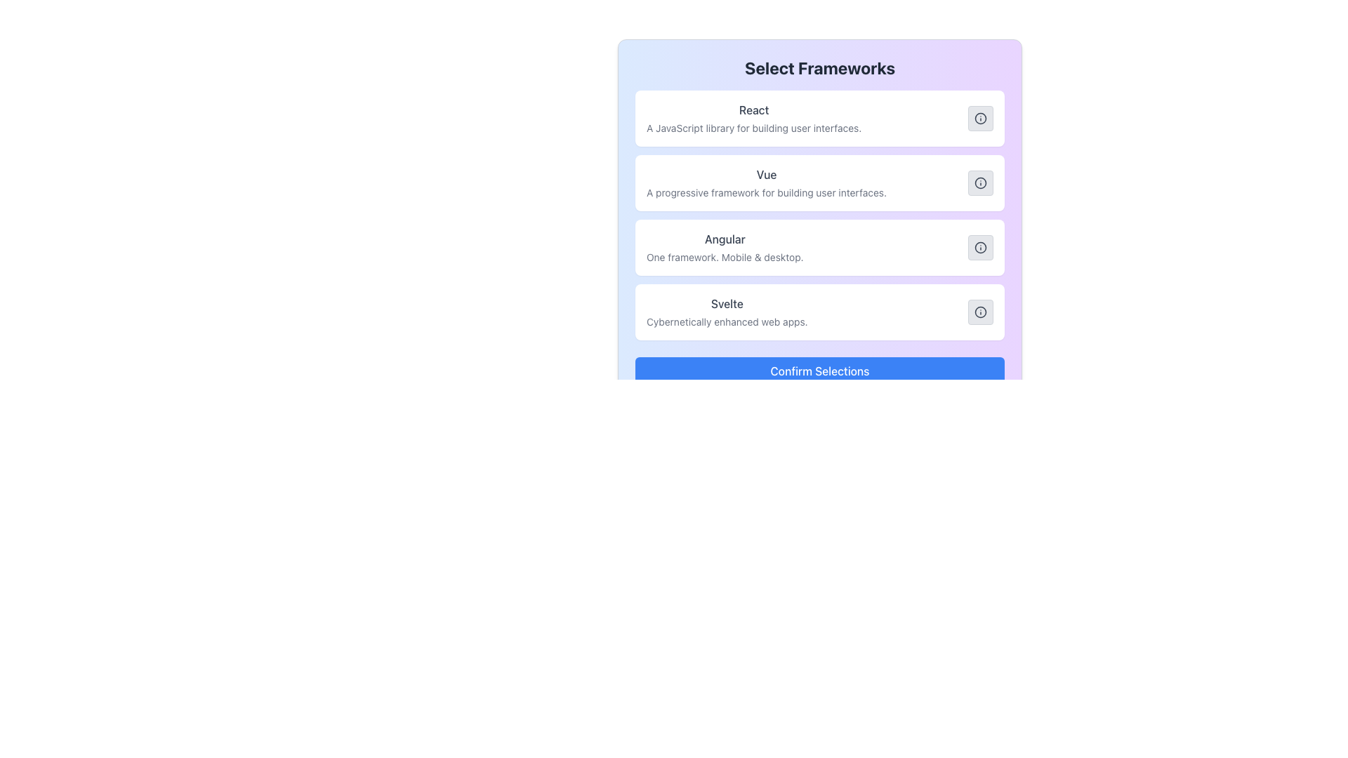 This screenshot has height=758, width=1348. What do you see at coordinates (727, 302) in the screenshot?
I see `title text label for the 'Svelte' framework option, which is the first line of text in the fourth item of the vertical list of framework options` at bounding box center [727, 302].